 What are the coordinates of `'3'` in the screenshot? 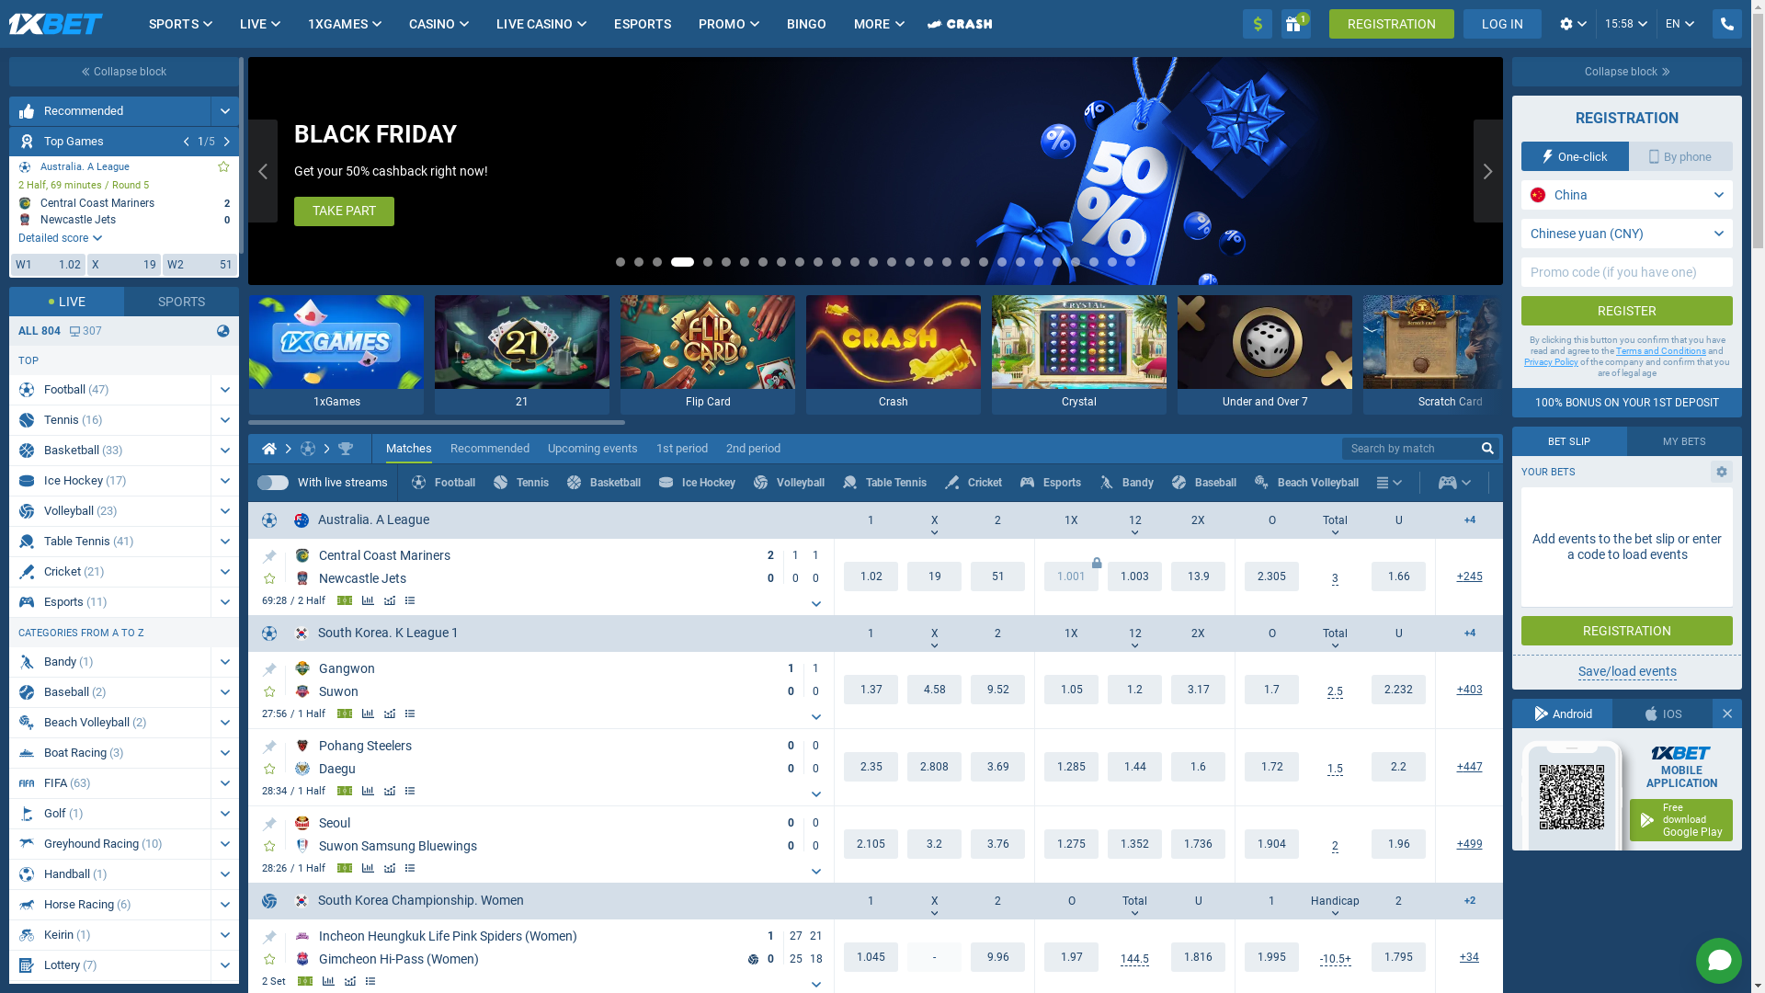 It's located at (1335, 577).